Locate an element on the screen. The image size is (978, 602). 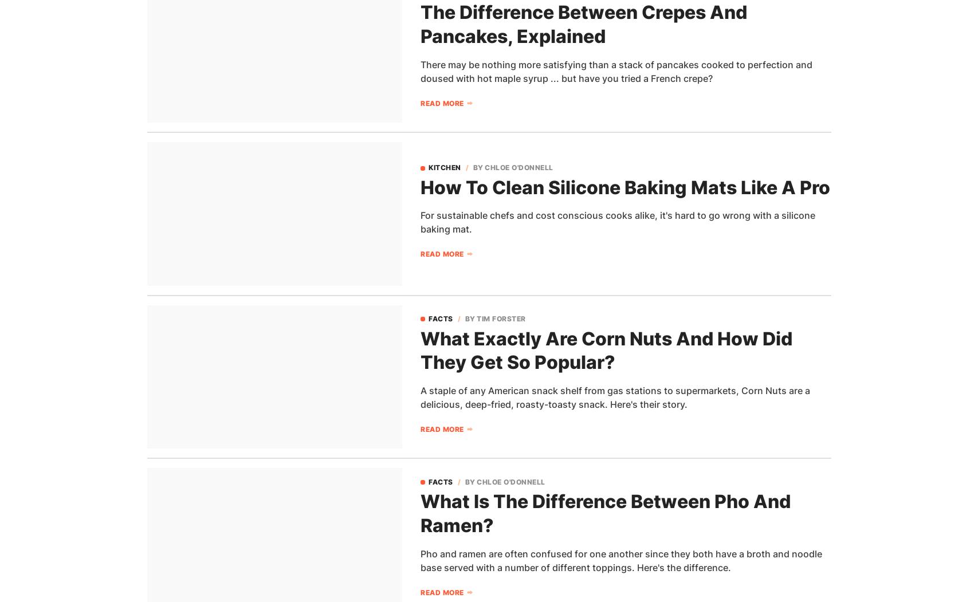
'Kitchen' is located at coordinates (445, 167).